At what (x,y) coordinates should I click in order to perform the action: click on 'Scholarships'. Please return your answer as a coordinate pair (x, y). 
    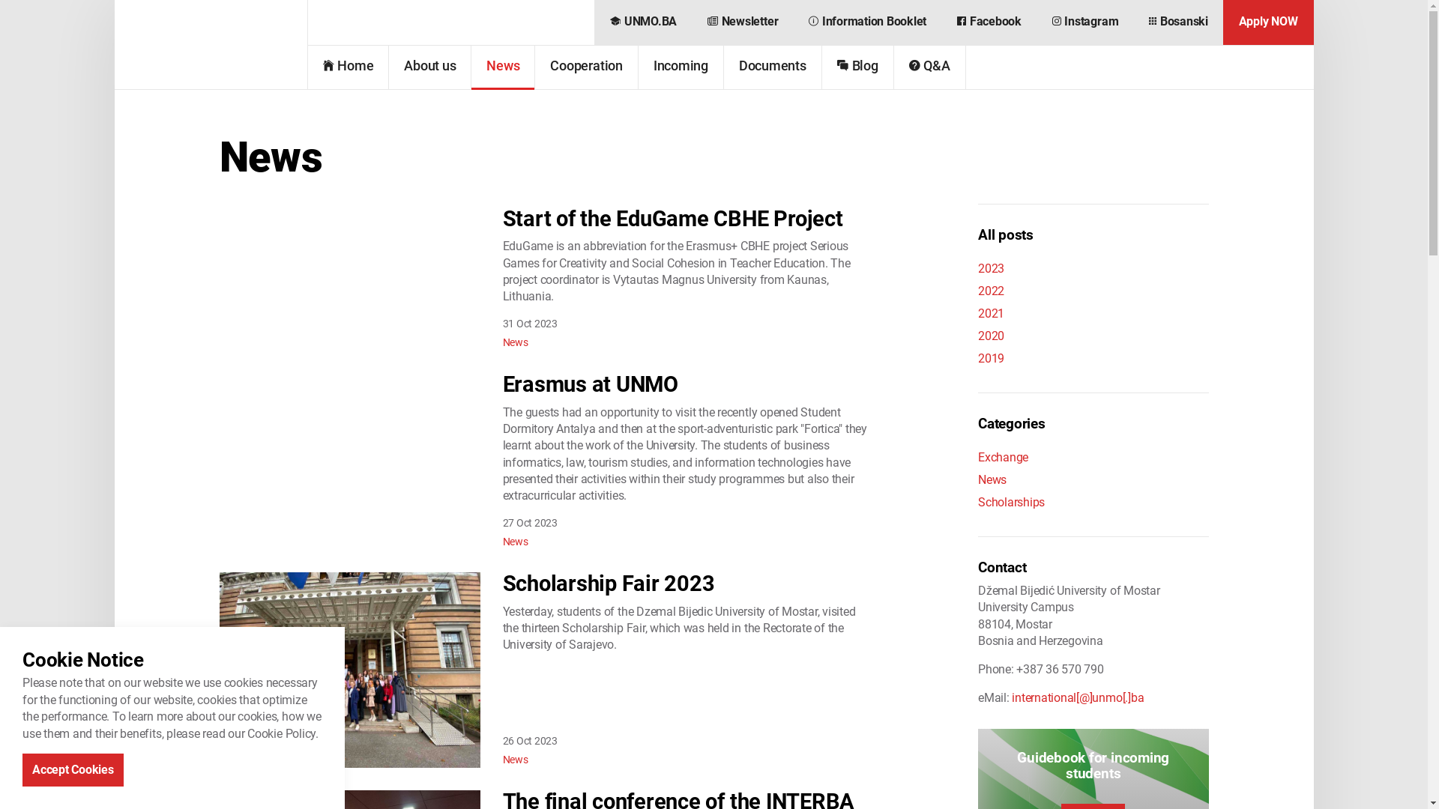
    Looking at the image, I should click on (1093, 503).